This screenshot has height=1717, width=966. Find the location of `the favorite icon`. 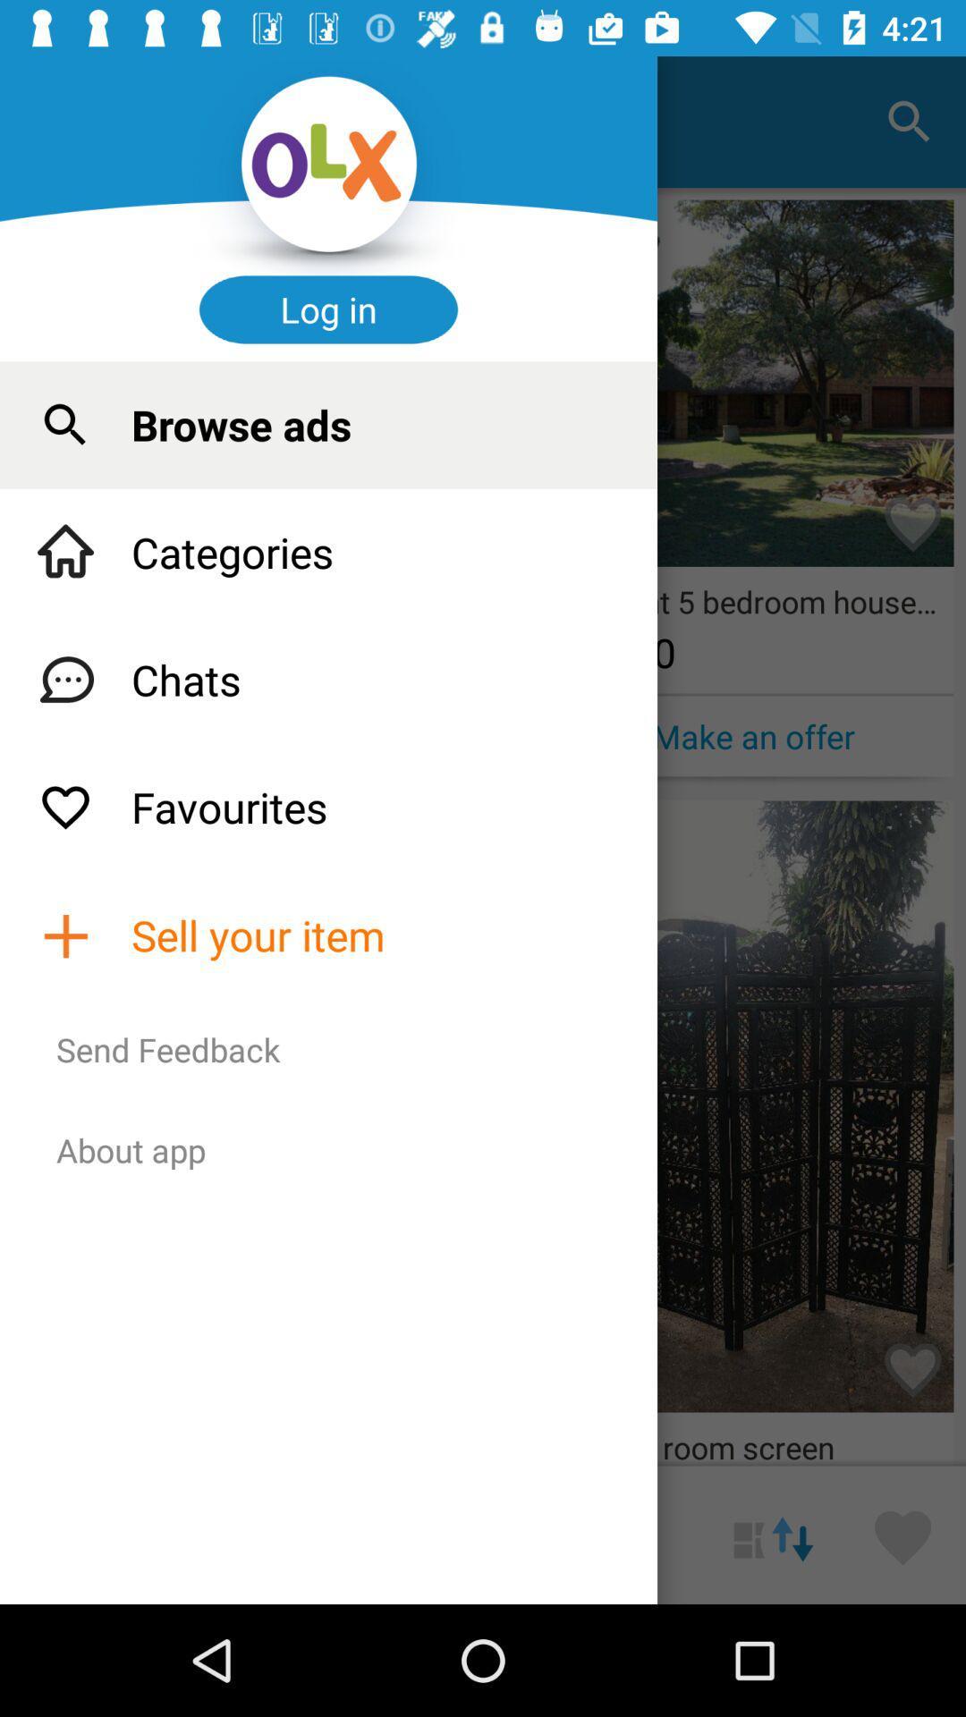

the favorite icon is located at coordinates (902, 1534).